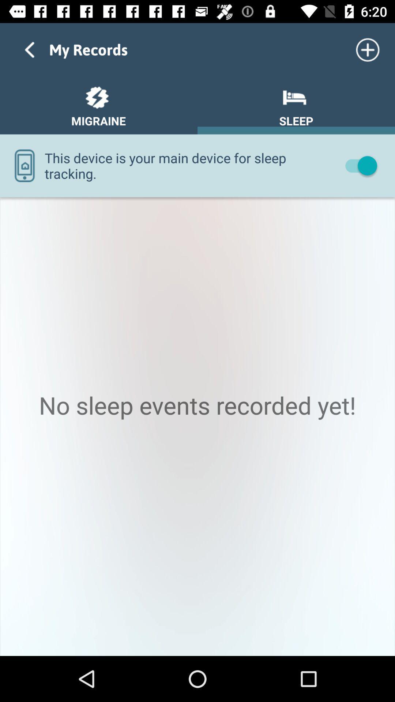 The image size is (395, 702). Describe the element at coordinates (357, 165) in the screenshot. I see `on or off` at that location.